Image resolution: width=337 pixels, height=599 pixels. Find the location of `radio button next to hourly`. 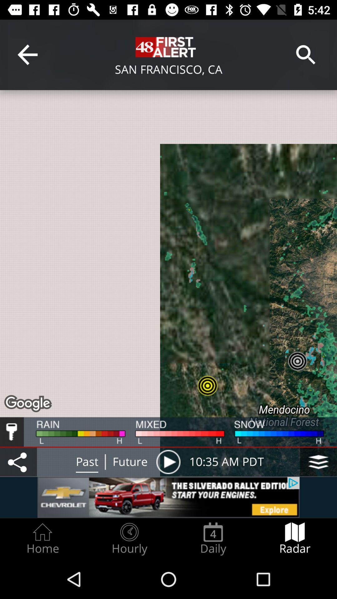

radio button next to hourly is located at coordinates (42, 538).